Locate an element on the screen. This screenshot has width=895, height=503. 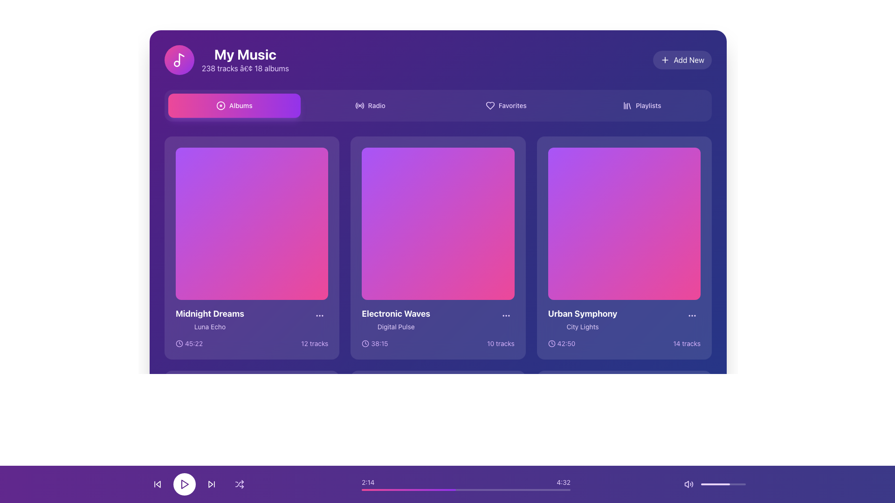
the 'previous track' button located at the bottom media control bar, which is the first button from the left among the media control buttons is located at coordinates (158, 484).